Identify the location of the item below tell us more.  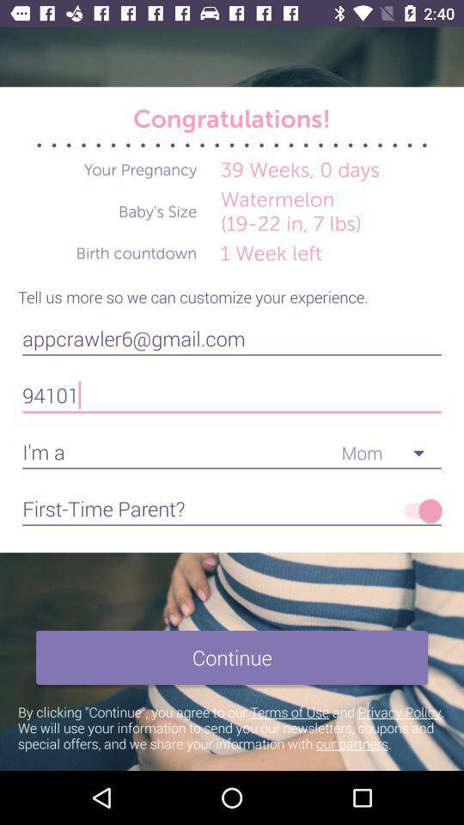
(232, 338).